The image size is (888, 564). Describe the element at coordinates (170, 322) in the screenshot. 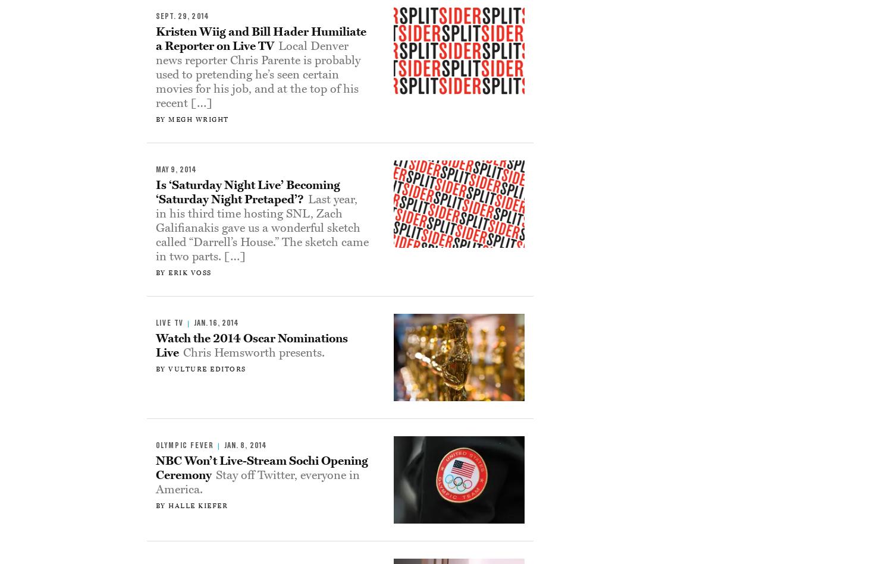

I see `'live tv'` at that location.